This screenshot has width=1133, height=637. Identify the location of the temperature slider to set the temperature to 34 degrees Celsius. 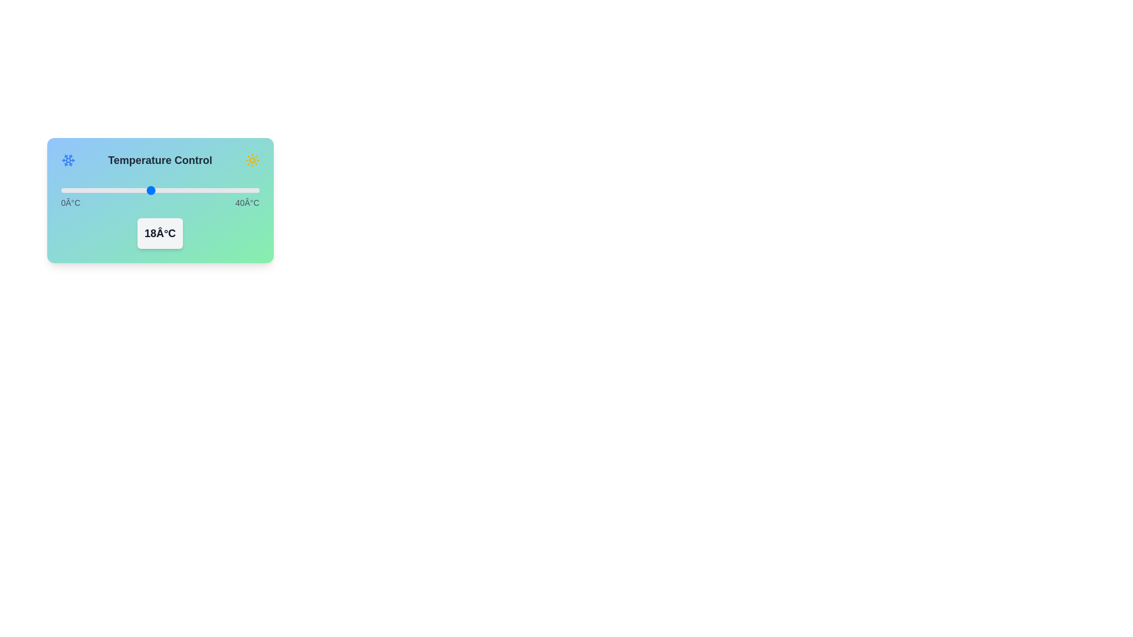
(230, 190).